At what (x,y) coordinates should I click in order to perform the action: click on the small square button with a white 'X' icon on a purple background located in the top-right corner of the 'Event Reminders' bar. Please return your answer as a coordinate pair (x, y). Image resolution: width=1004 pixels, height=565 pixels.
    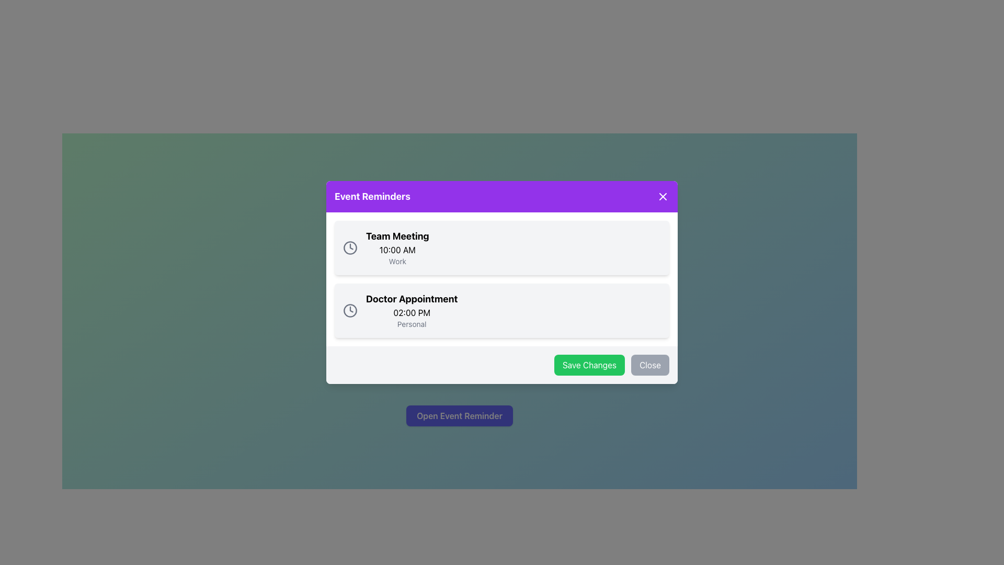
    Looking at the image, I should click on (662, 196).